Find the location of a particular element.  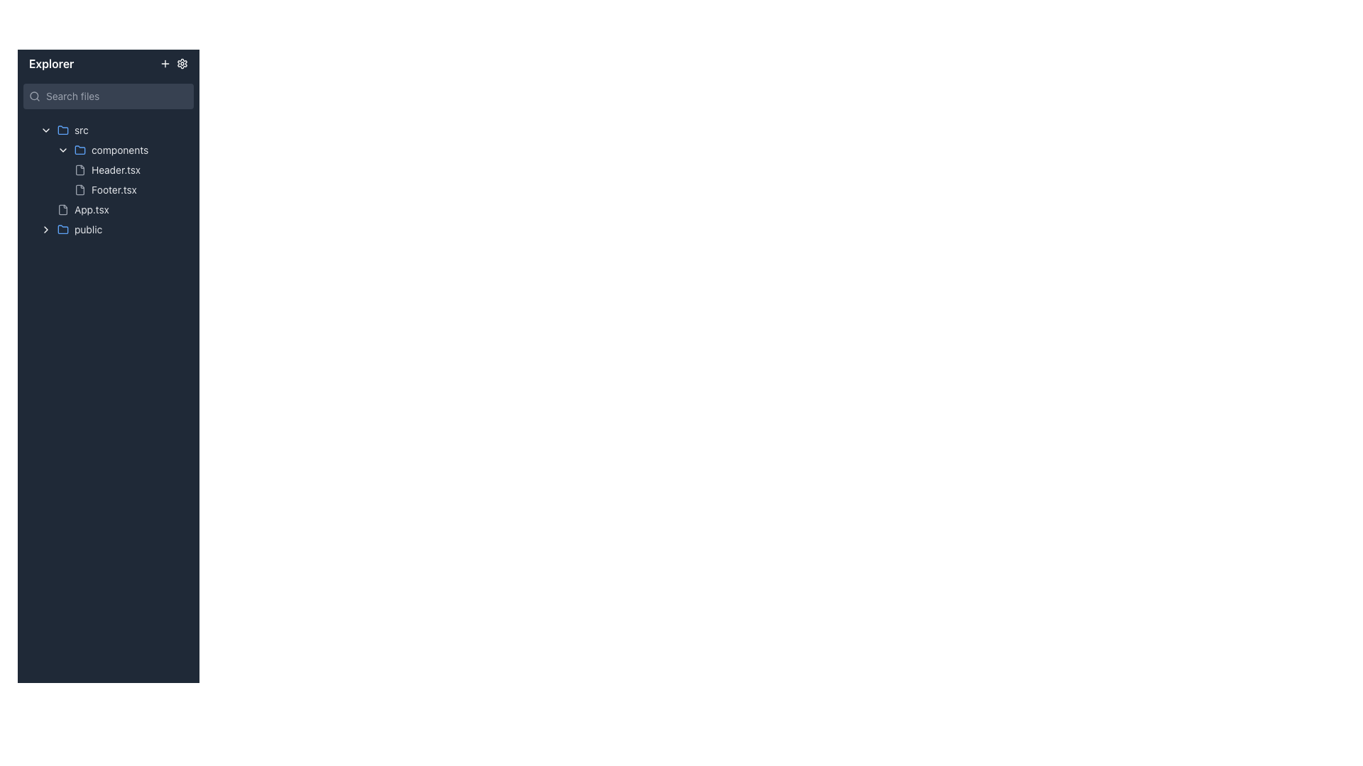

the 'App.tsx' file icon is located at coordinates (62, 210).